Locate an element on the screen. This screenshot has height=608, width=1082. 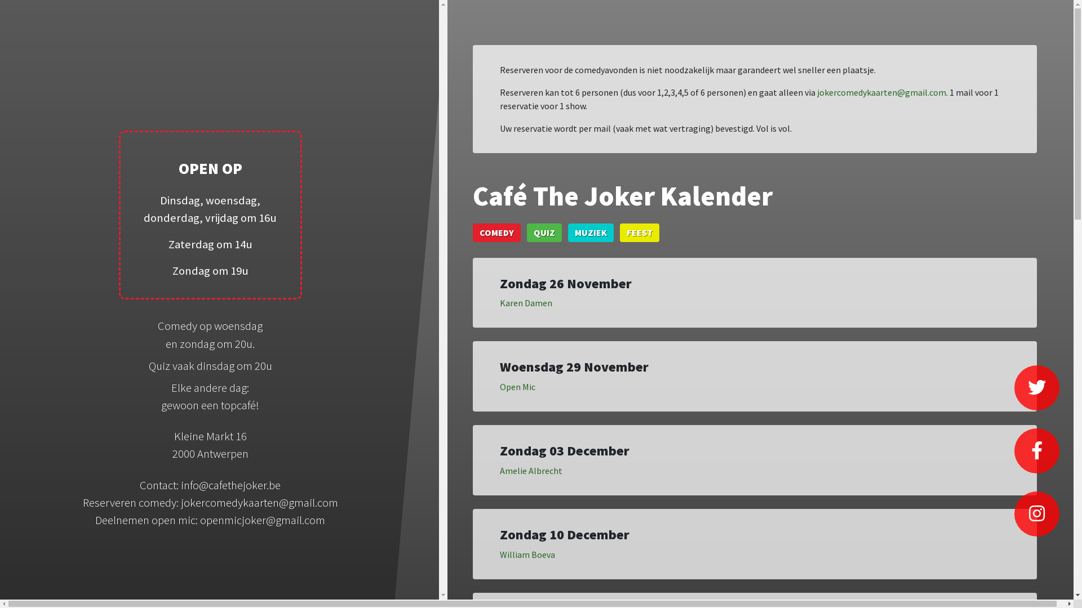
'William Boeva' is located at coordinates (499, 553).